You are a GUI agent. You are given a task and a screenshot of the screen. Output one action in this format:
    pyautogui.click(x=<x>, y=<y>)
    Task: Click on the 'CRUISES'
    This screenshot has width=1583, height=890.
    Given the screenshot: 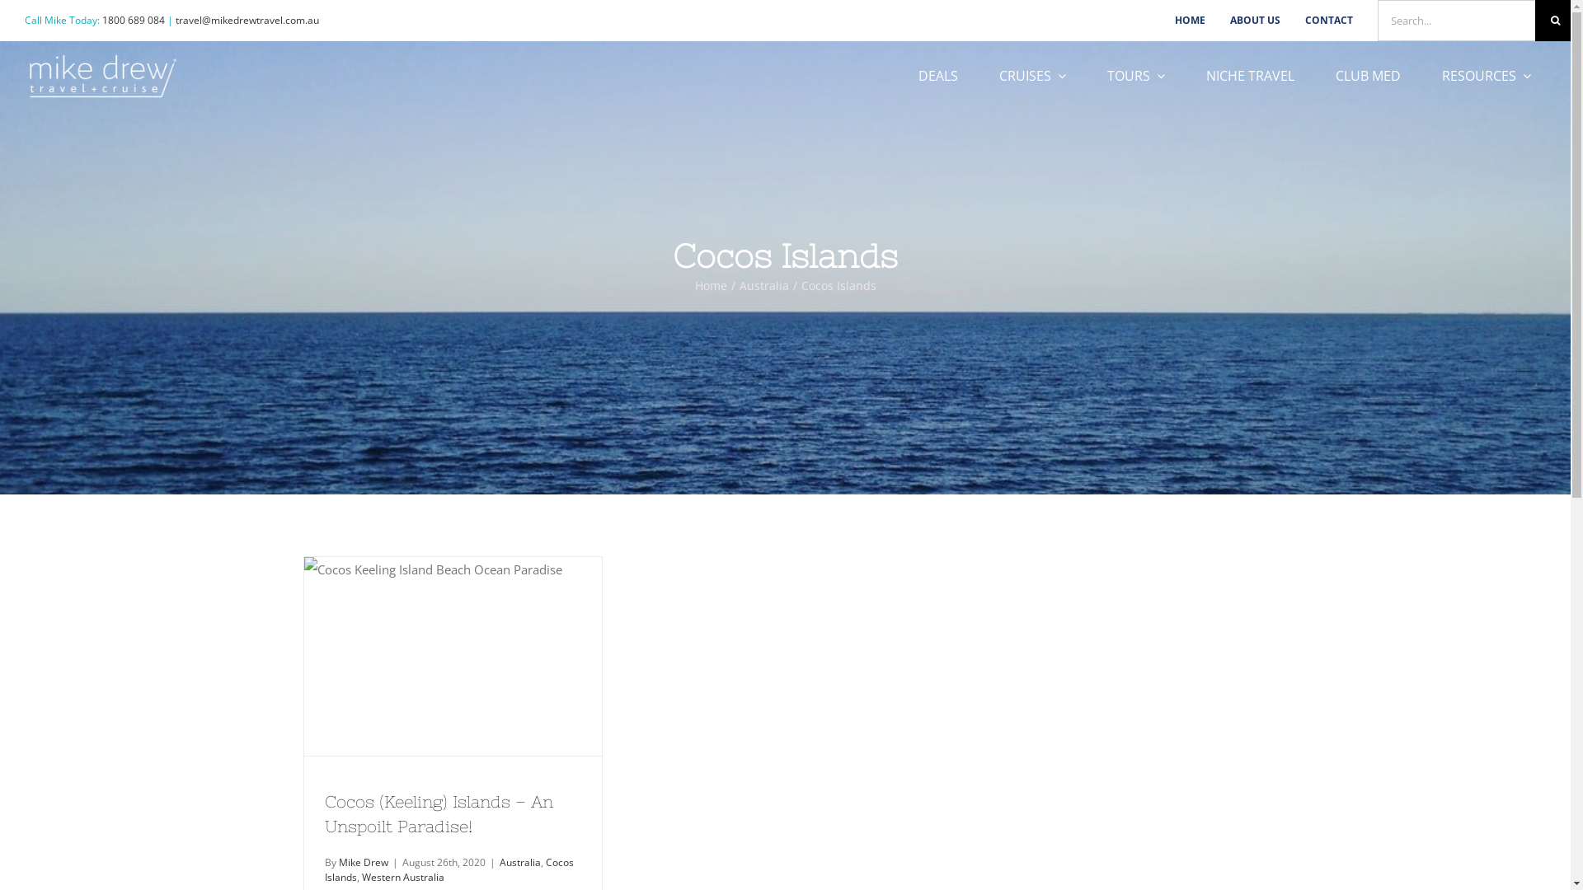 What is the action you would take?
    pyautogui.click(x=1031, y=76)
    